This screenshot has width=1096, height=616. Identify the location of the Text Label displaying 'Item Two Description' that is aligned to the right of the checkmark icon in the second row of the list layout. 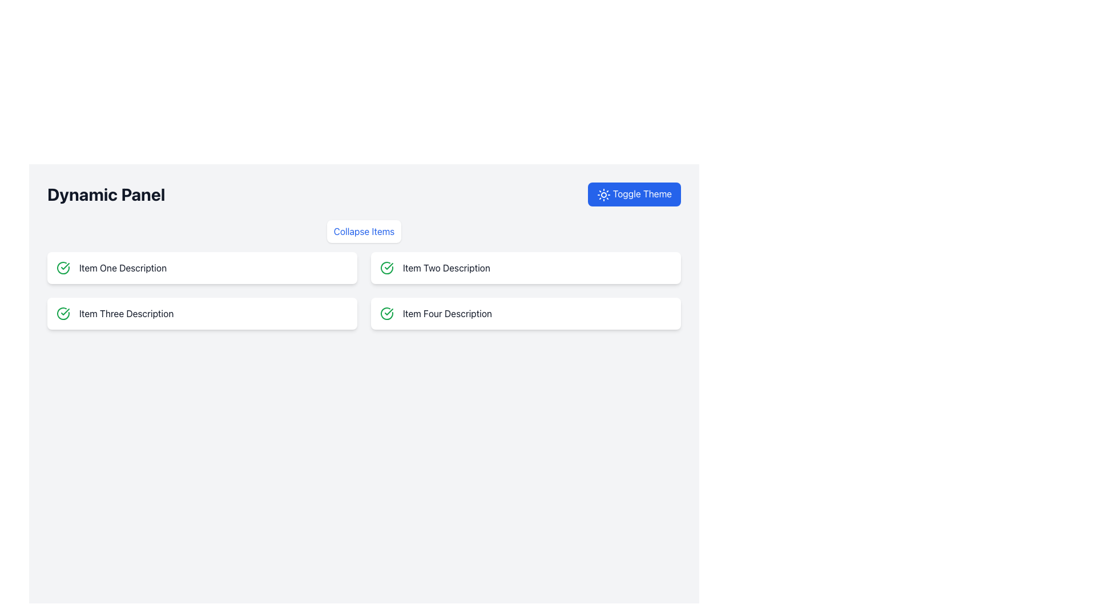
(446, 268).